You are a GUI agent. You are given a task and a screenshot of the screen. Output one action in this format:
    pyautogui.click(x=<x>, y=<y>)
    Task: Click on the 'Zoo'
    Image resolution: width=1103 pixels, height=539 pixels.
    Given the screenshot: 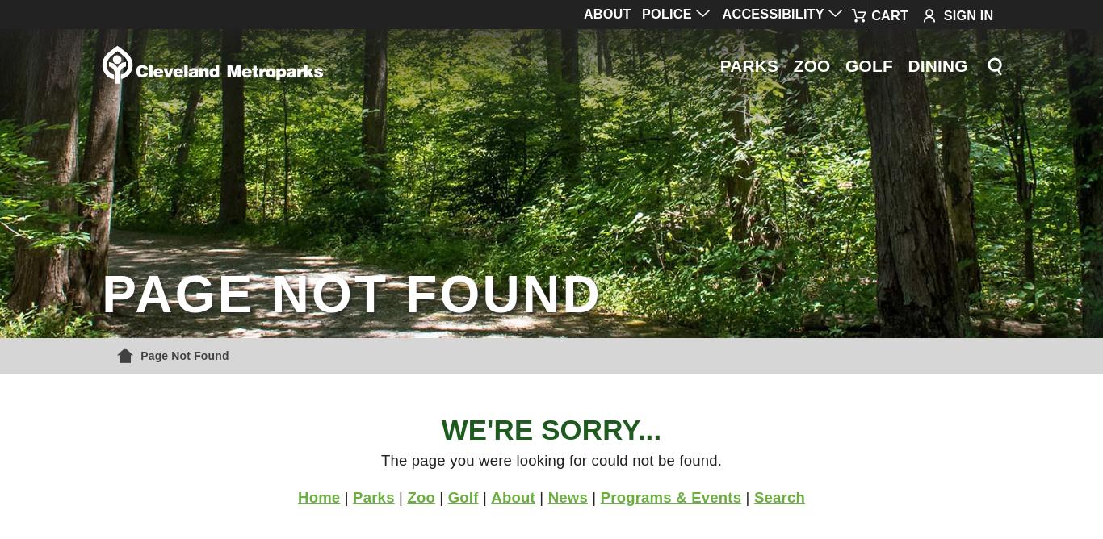 What is the action you would take?
    pyautogui.click(x=407, y=495)
    